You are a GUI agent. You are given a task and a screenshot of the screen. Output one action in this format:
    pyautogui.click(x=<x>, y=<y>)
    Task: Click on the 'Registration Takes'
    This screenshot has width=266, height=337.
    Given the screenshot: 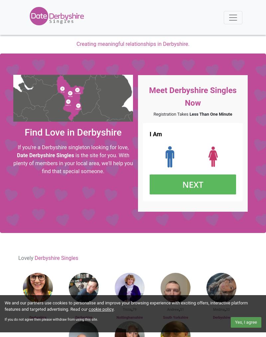 What is the action you would take?
    pyautogui.click(x=153, y=114)
    